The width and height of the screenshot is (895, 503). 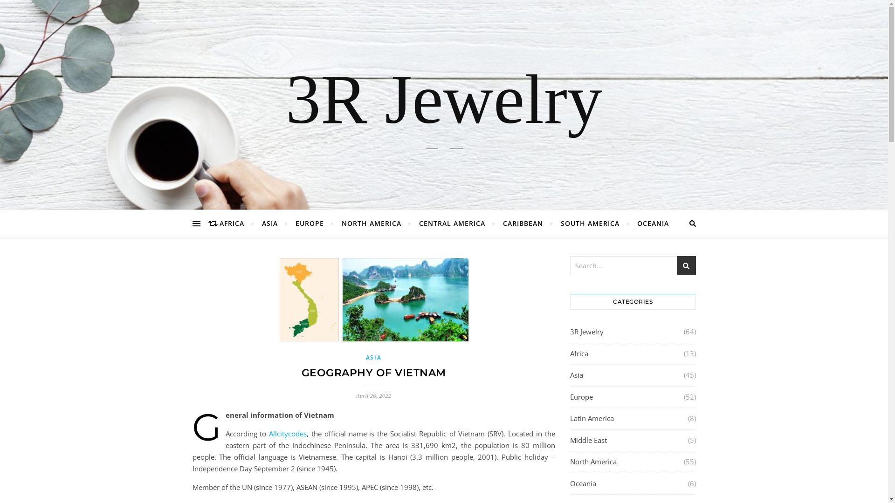 What do you see at coordinates (371, 223) in the screenshot?
I see `'NORTH AMERICA'` at bounding box center [371, 223].